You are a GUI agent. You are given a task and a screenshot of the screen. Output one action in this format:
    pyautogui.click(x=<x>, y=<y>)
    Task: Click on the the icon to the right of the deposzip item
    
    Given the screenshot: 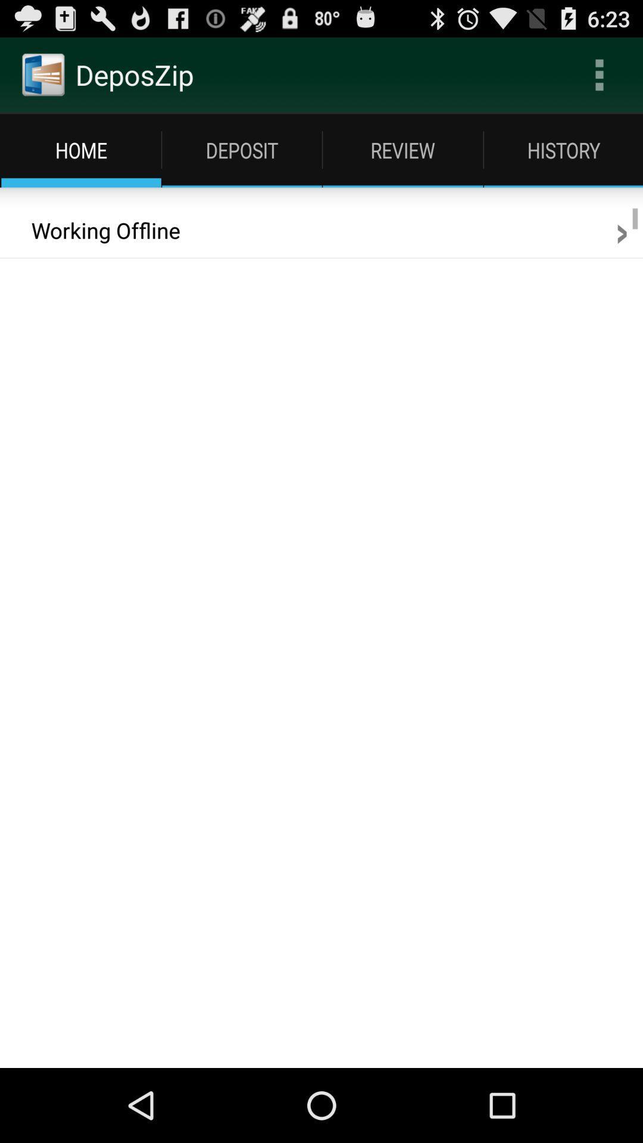 What is the action you would take?
    pyautogui.click(x=599, y=74)
    